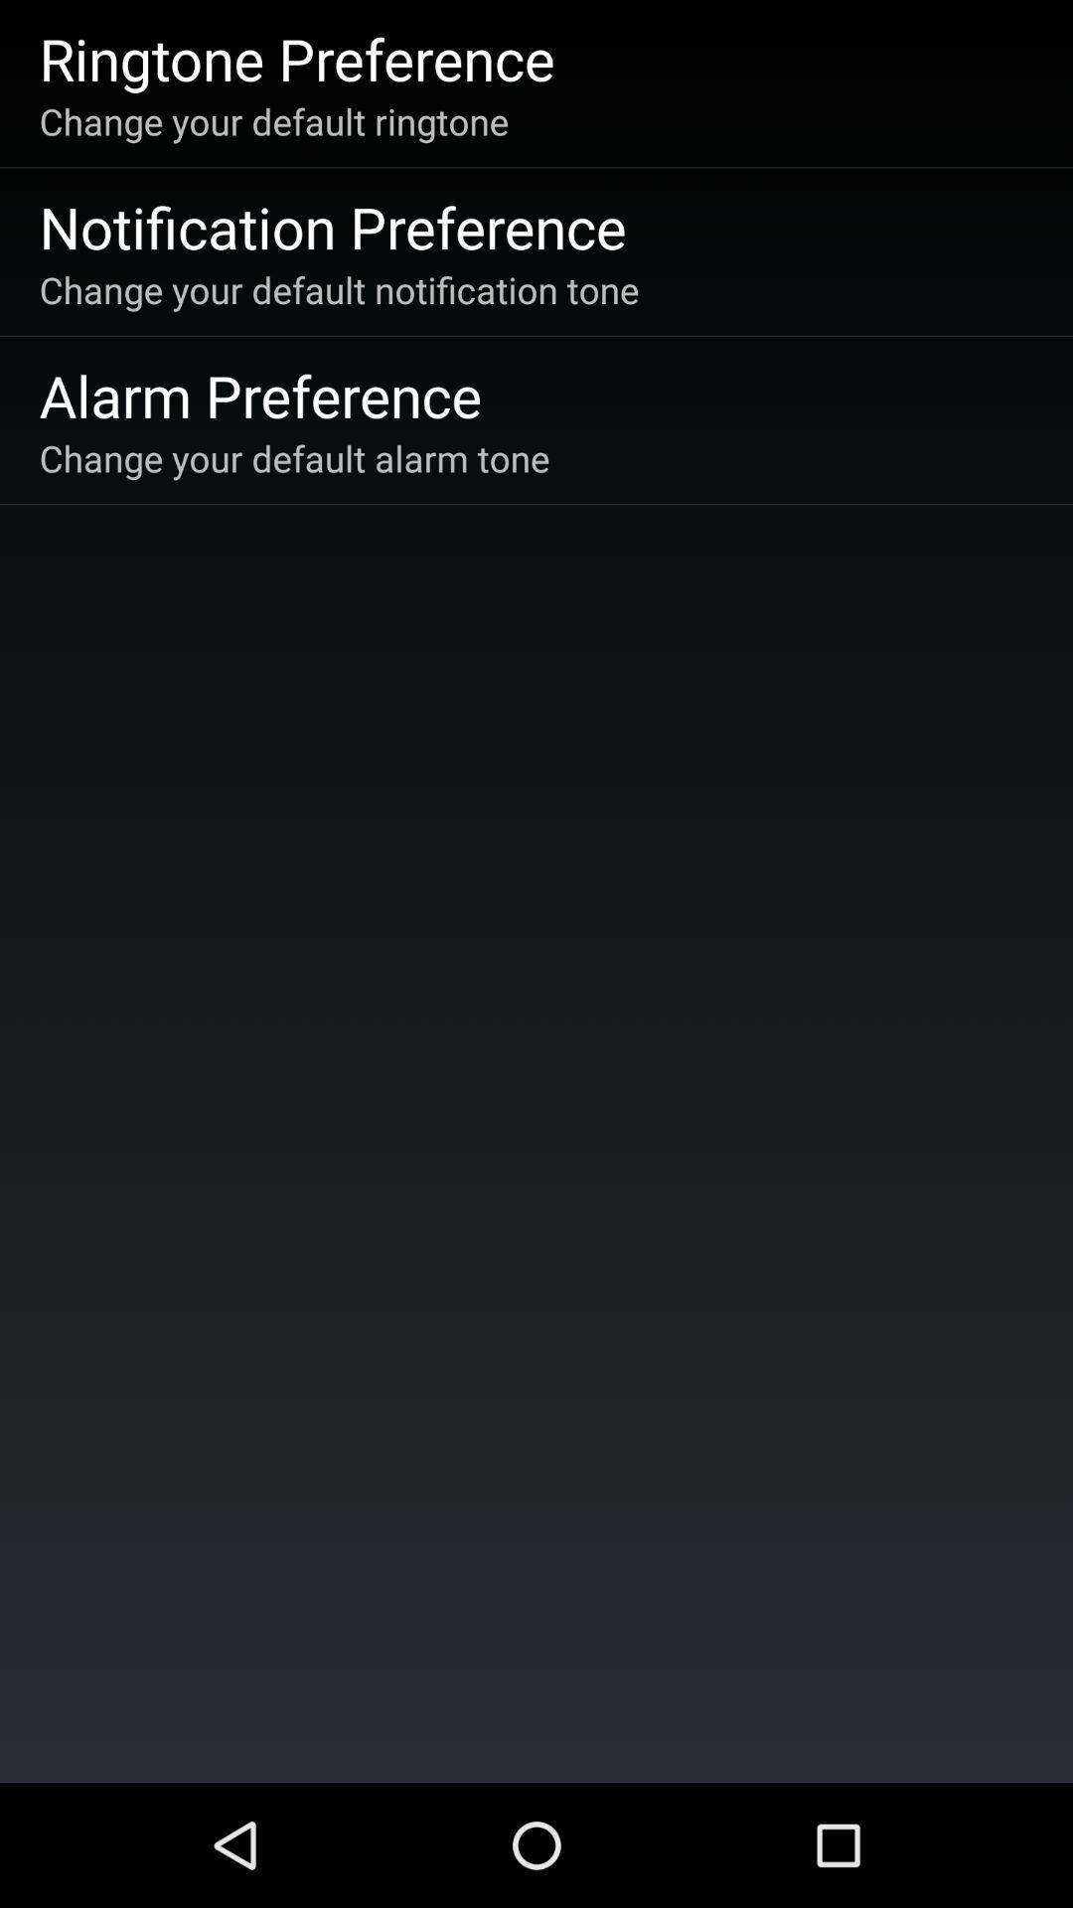 The image size is (1073, 1908). Describe the element at coordinates (297, 58) in the screenshot. I see `the item above the change your default` at that location.